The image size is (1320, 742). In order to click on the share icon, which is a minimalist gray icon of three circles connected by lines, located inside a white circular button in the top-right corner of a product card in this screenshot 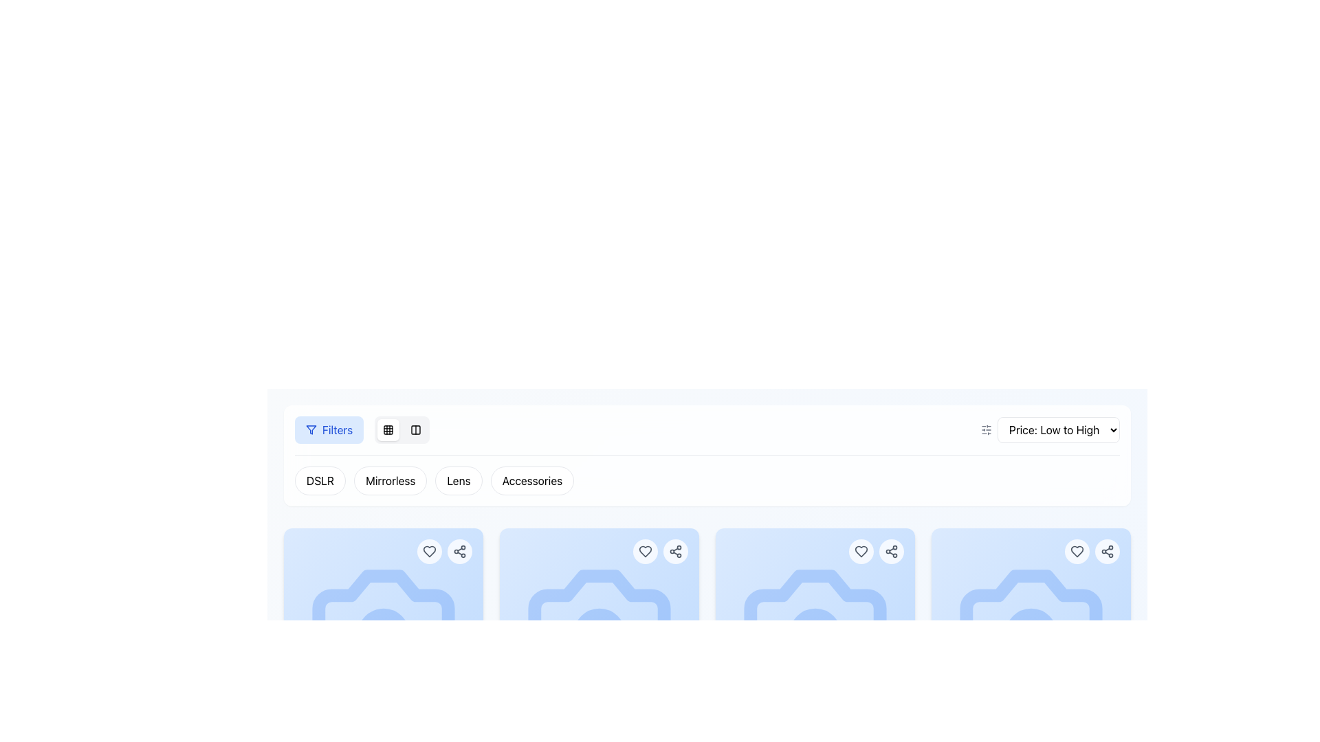, I will do `click(676, 550)`.